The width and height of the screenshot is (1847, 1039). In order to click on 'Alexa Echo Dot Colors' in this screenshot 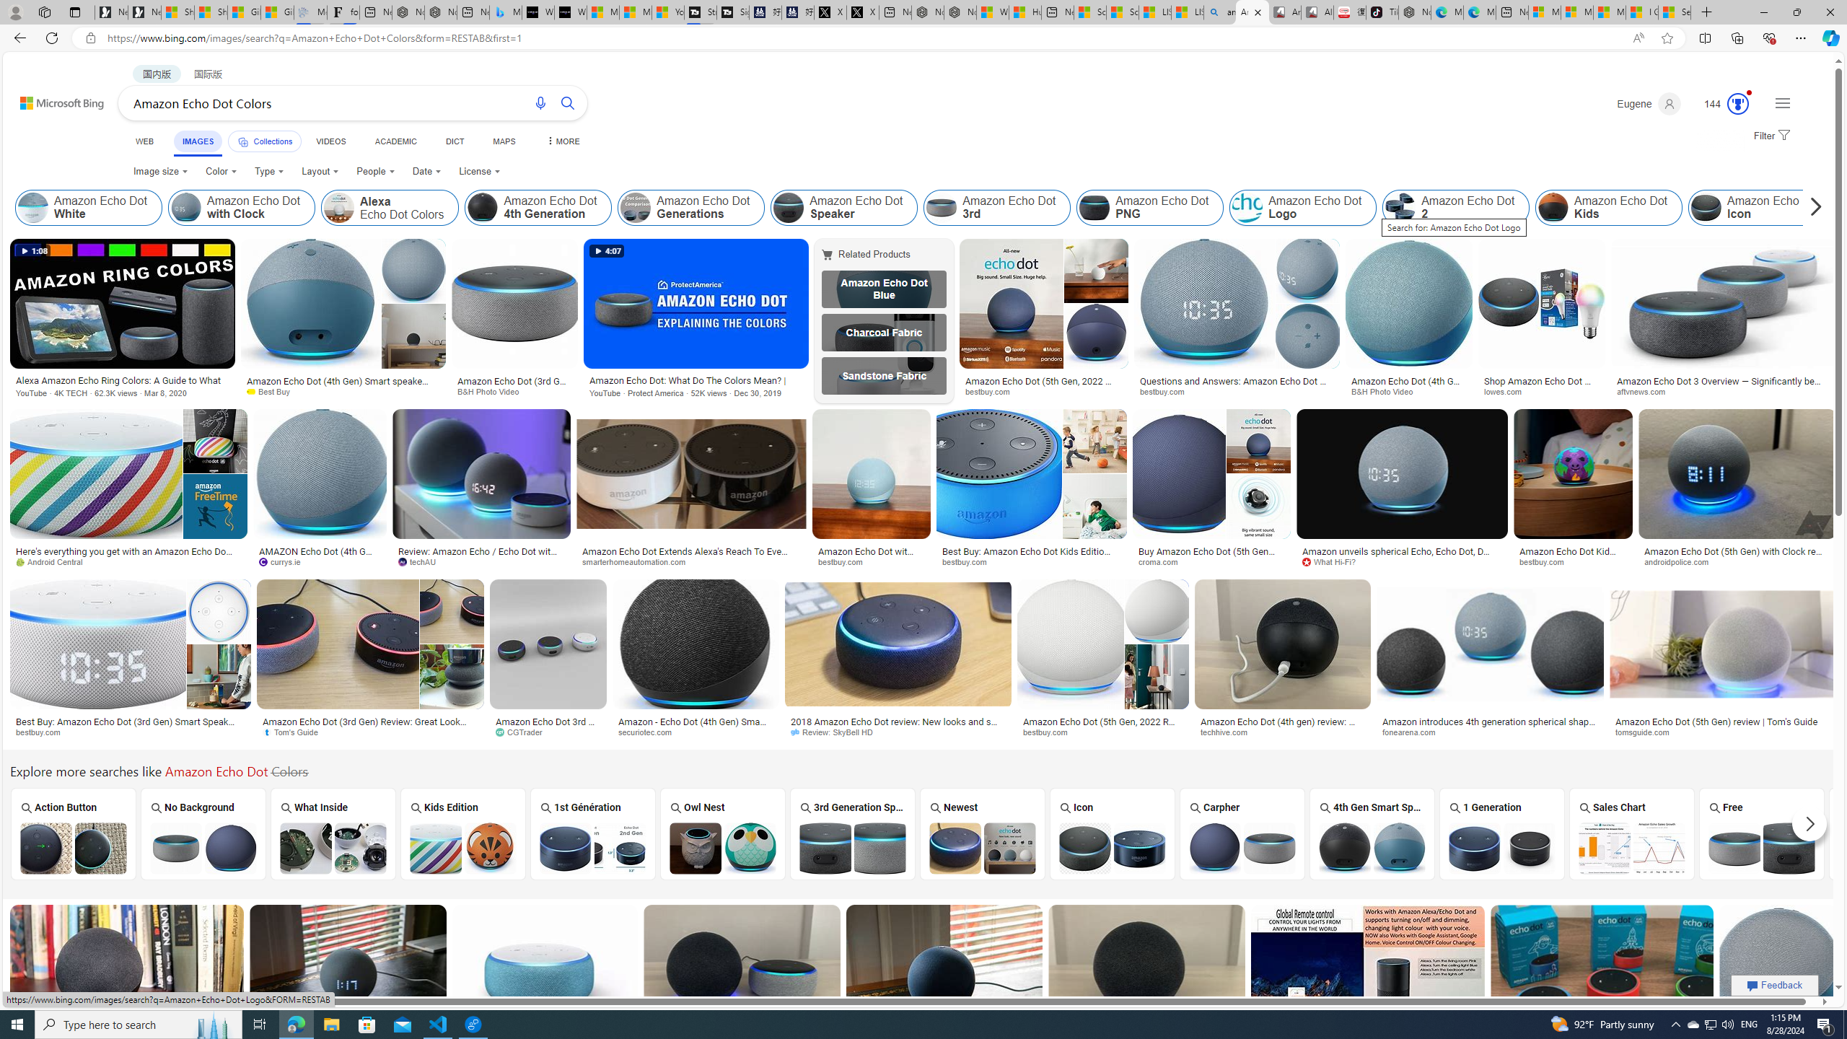, I will do `click(338, 207)`.